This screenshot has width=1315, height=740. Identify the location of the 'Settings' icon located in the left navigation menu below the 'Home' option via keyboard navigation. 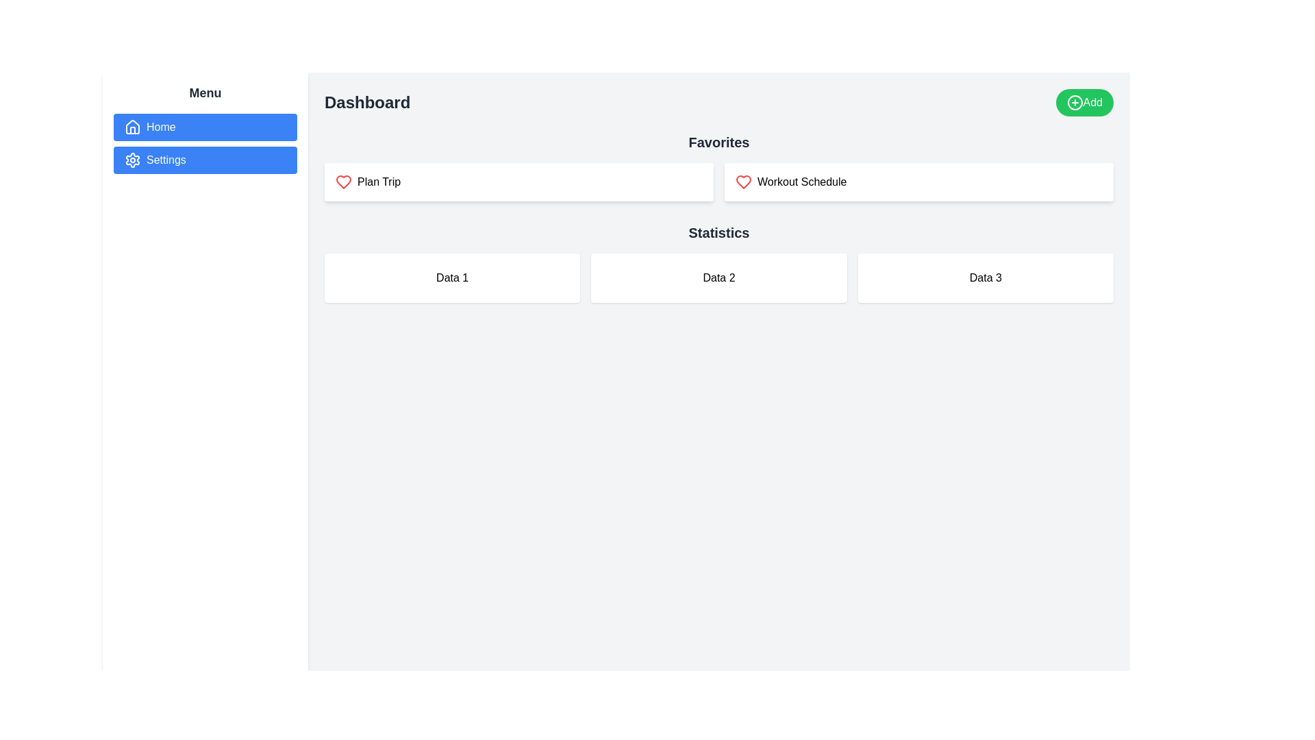
(132, 160).